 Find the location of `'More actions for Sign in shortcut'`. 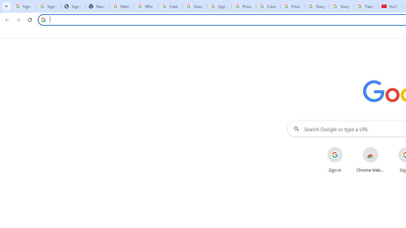

'More actions for Sign in shortcut' is located at coordinates (347, 148).